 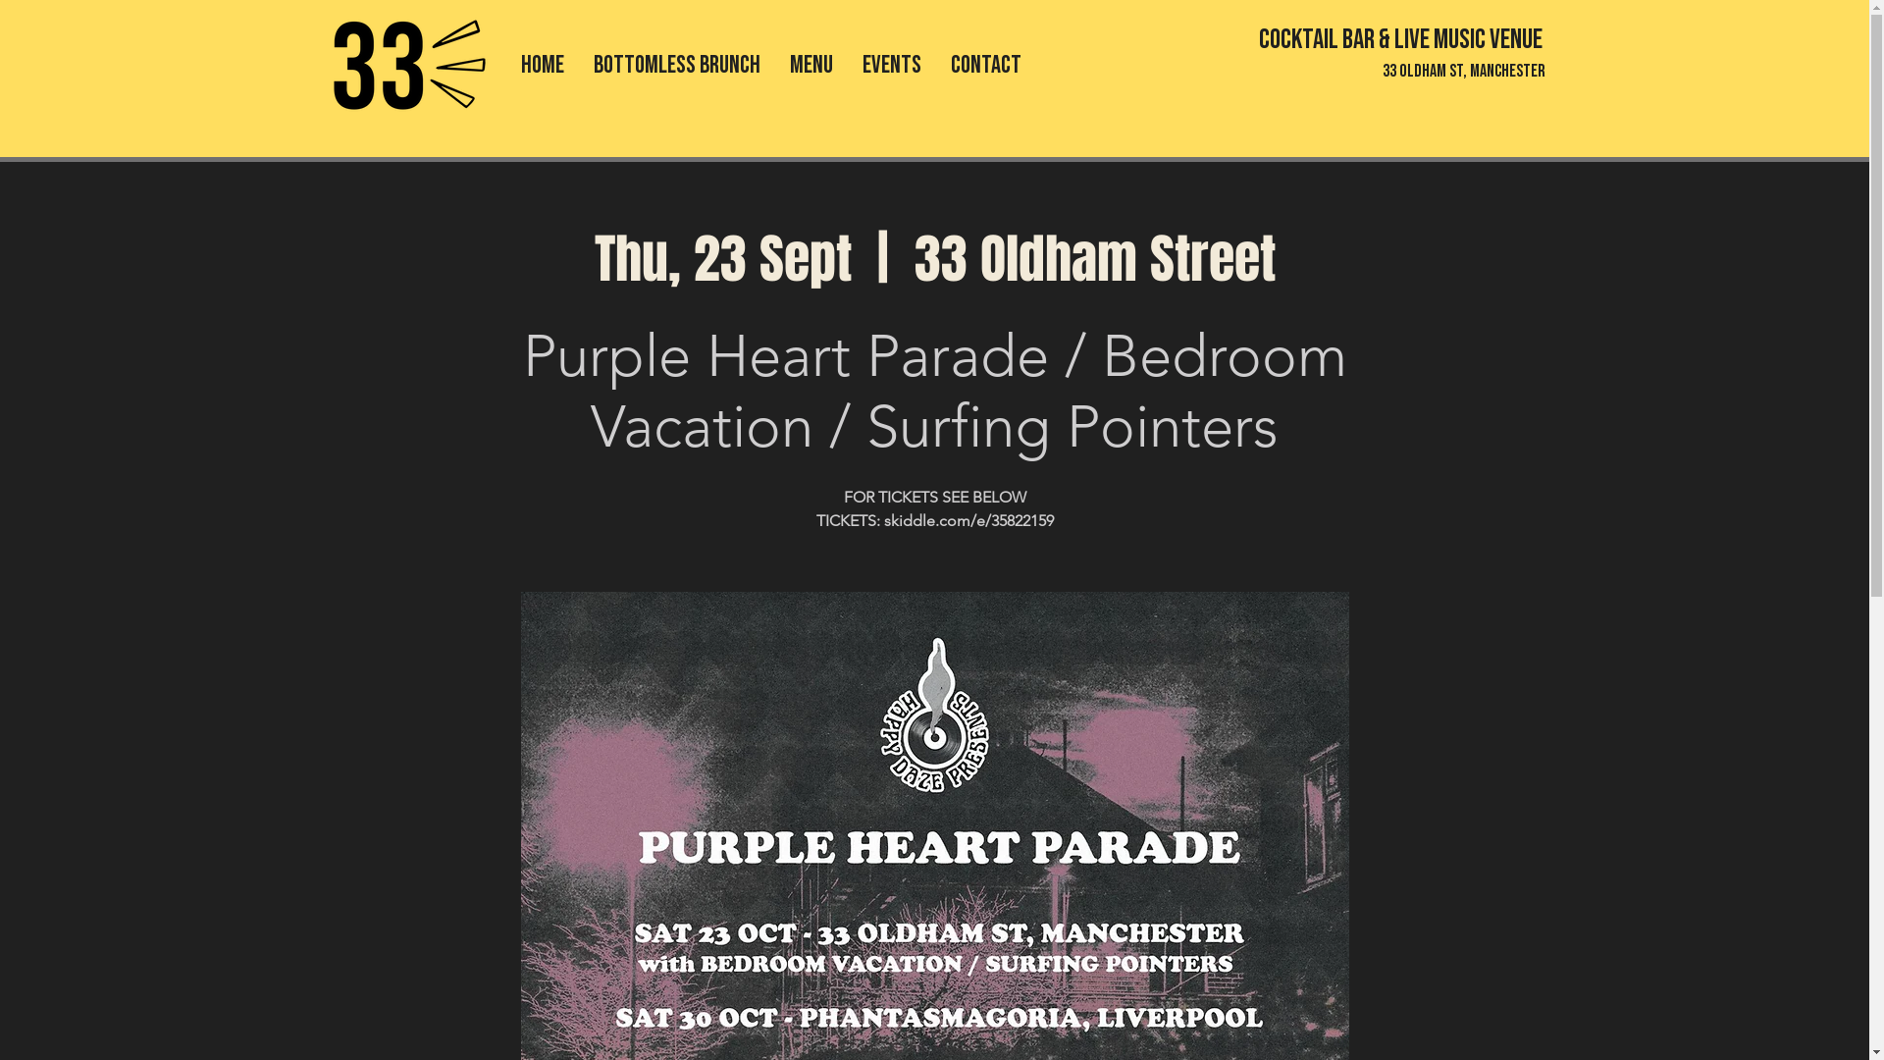 I want to click on 'HOME', so click(x=542, y=64).